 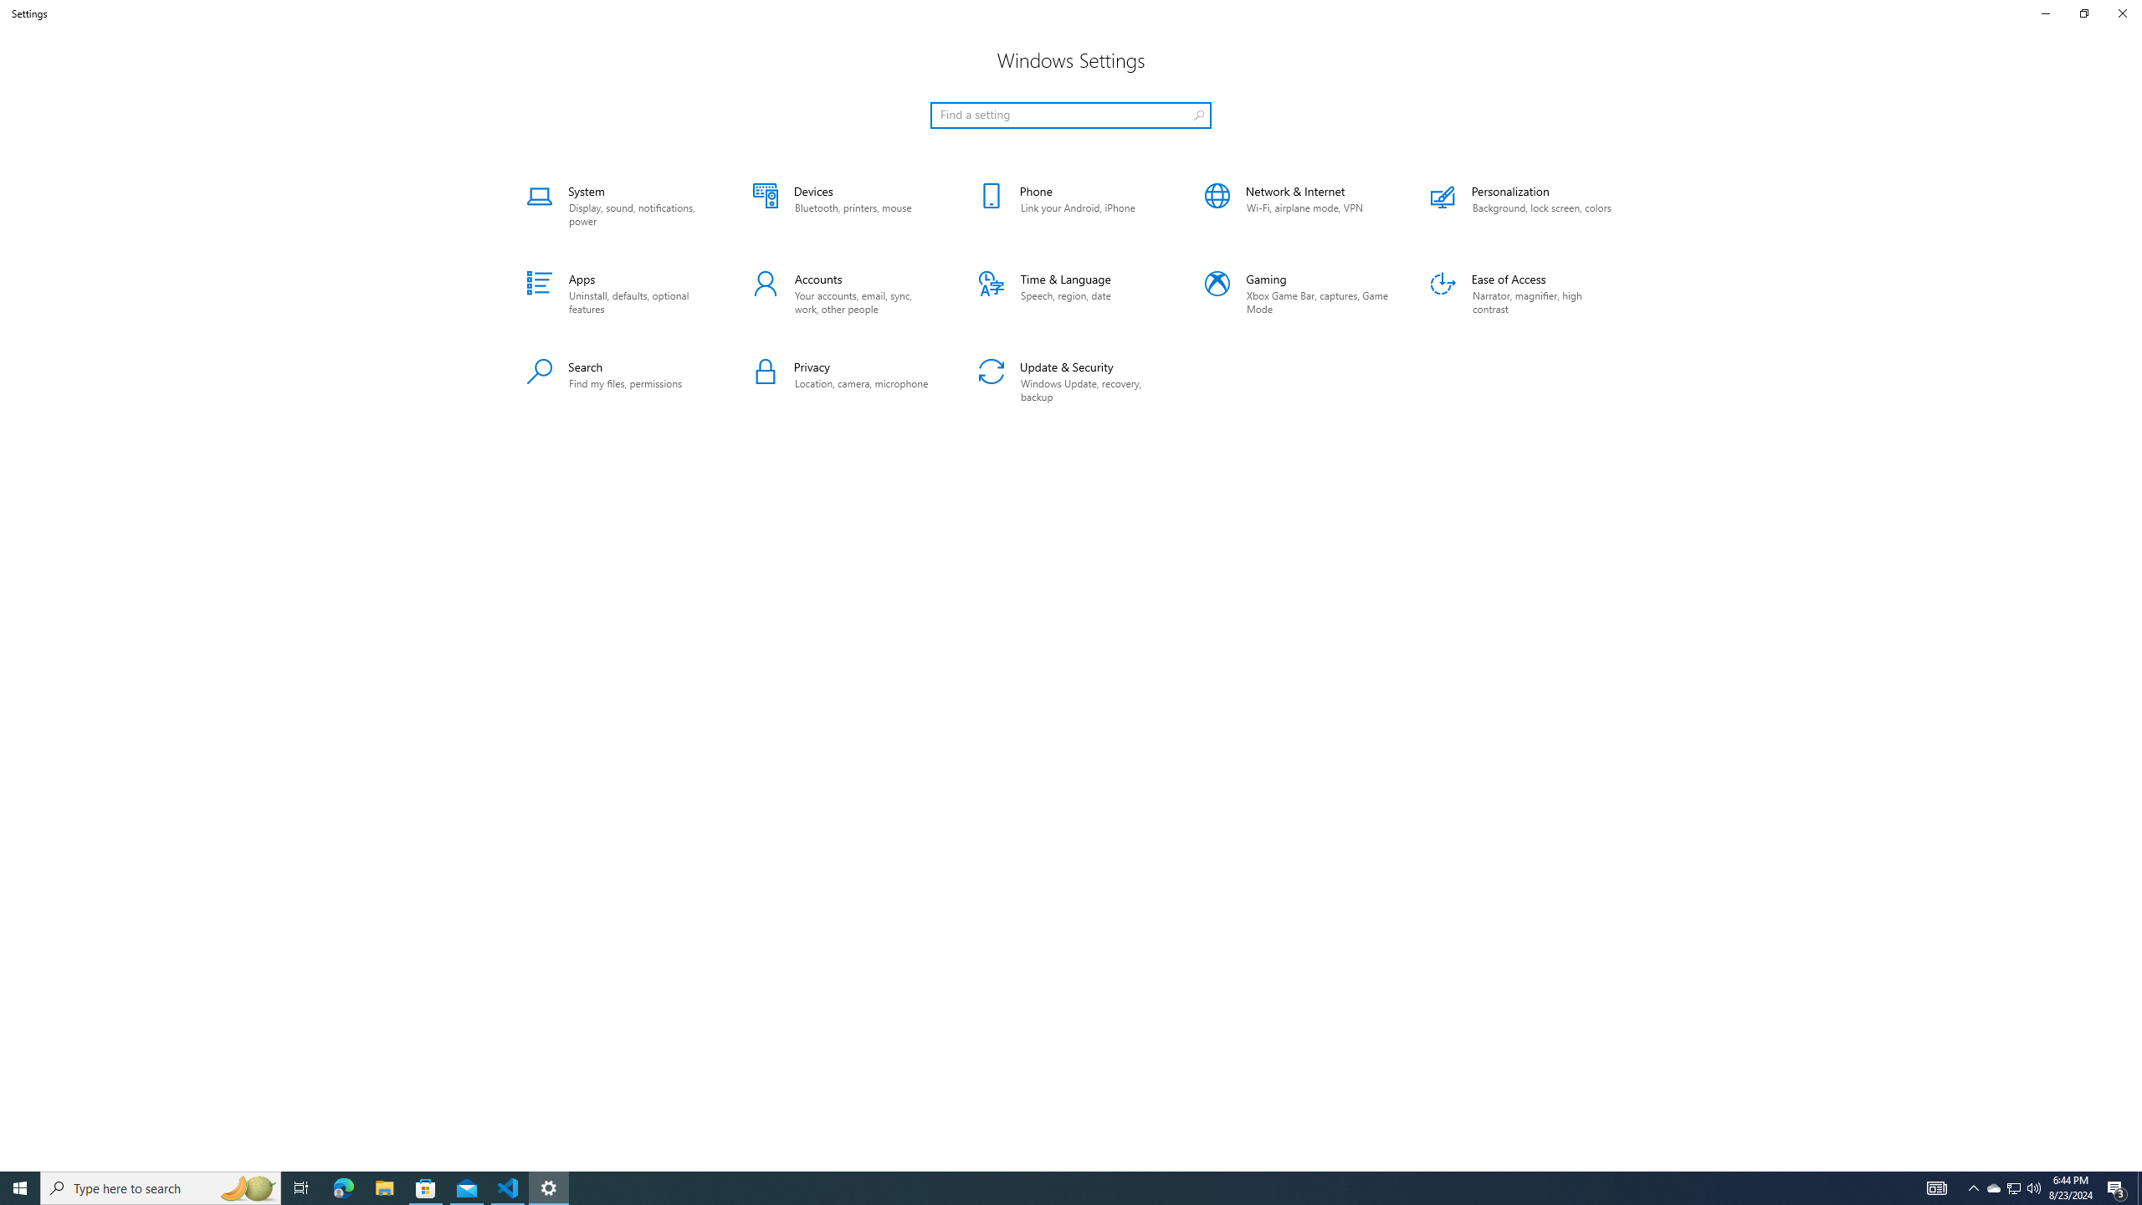 I want to click on 'Privacy', so click(x=843, y=382).